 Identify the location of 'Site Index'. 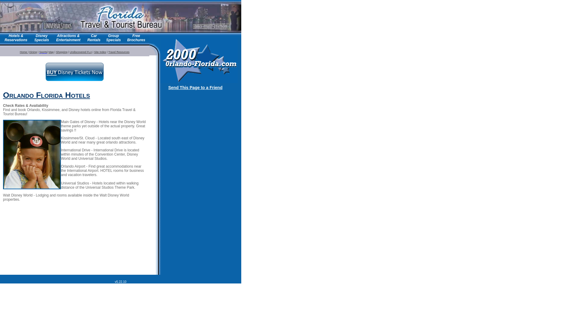
(100, 52).